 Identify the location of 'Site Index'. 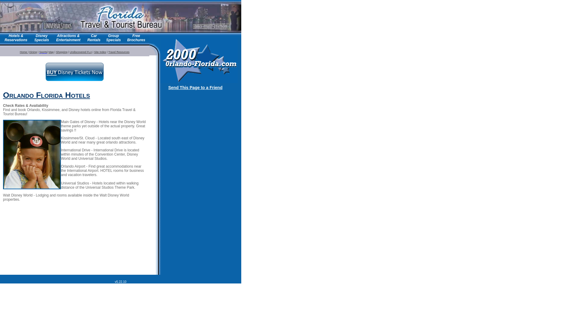
(100, 52).